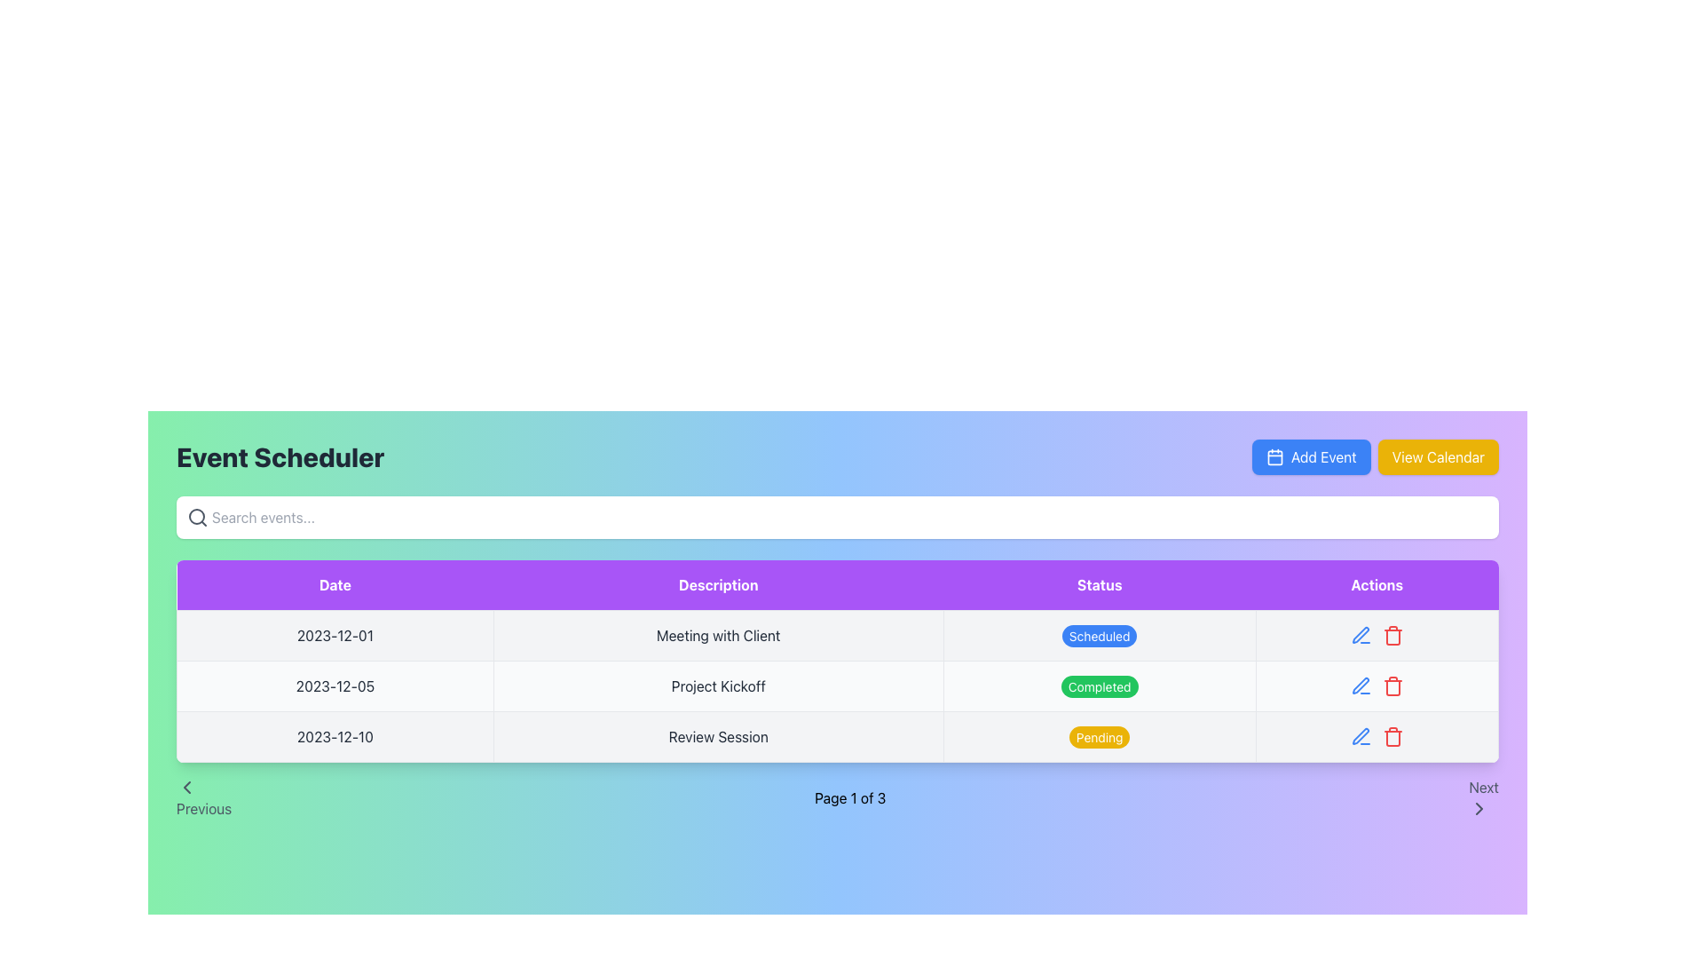 The image size is (1704, 959). Describe the element at coordinates (1360, 685) in the screenshot. I see `the edit icon button in the 'Actions' column of the second row for the 'Project Kickoff' entry to change its color` at that location.